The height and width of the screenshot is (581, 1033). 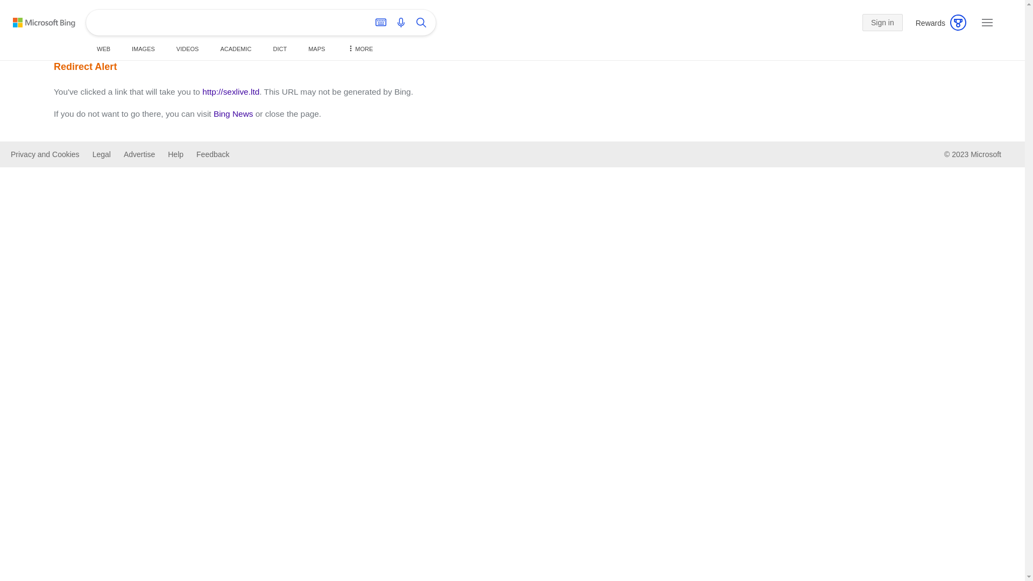 I want to click on 'Search', so click(x=420, y=23).